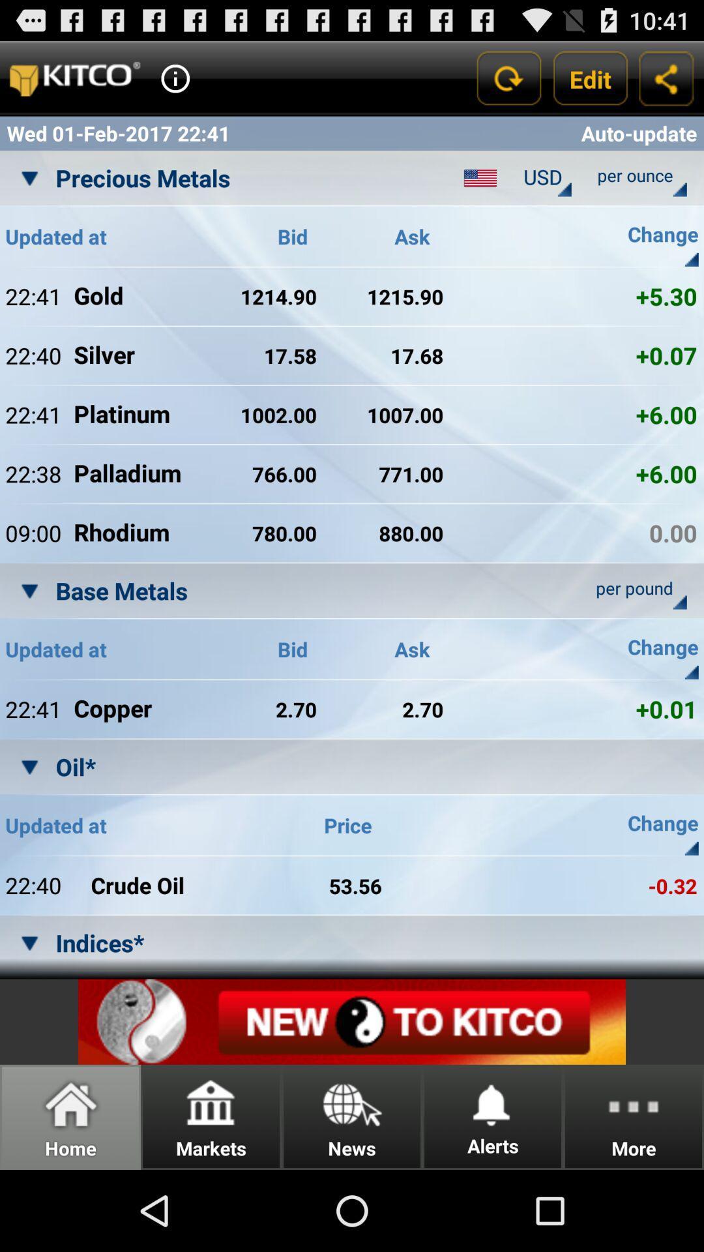 The image size is (704, 1252). I want to click on share this page, so click(666, 78).